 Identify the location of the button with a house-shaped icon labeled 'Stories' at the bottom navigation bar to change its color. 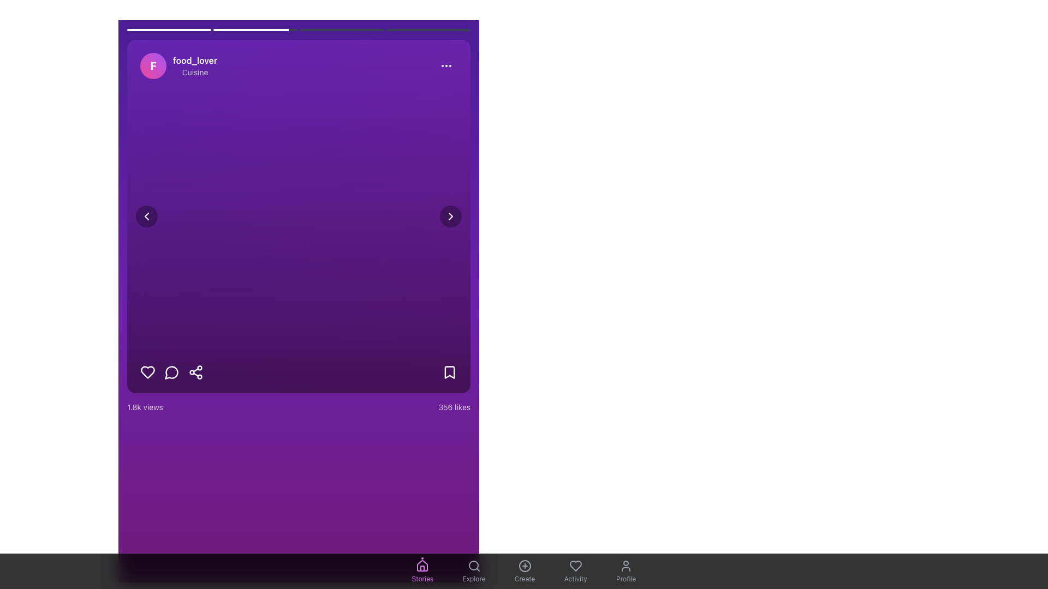
(422, 571).